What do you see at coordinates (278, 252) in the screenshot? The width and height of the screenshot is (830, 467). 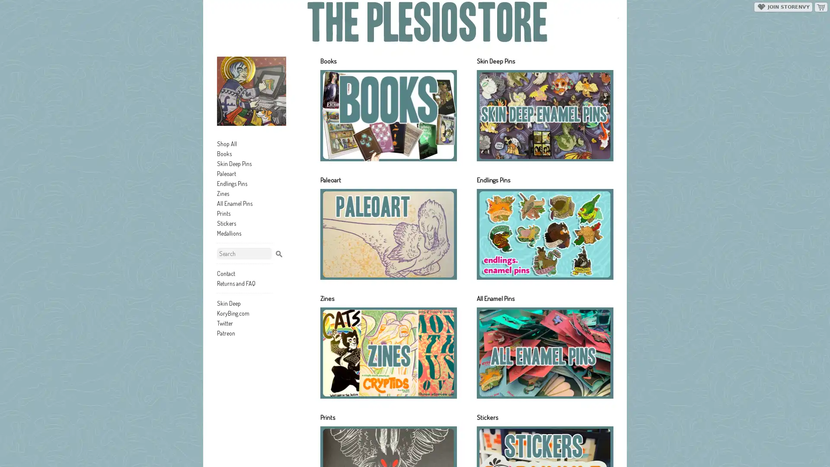 I see `Search` at bounding box center [278, 252].